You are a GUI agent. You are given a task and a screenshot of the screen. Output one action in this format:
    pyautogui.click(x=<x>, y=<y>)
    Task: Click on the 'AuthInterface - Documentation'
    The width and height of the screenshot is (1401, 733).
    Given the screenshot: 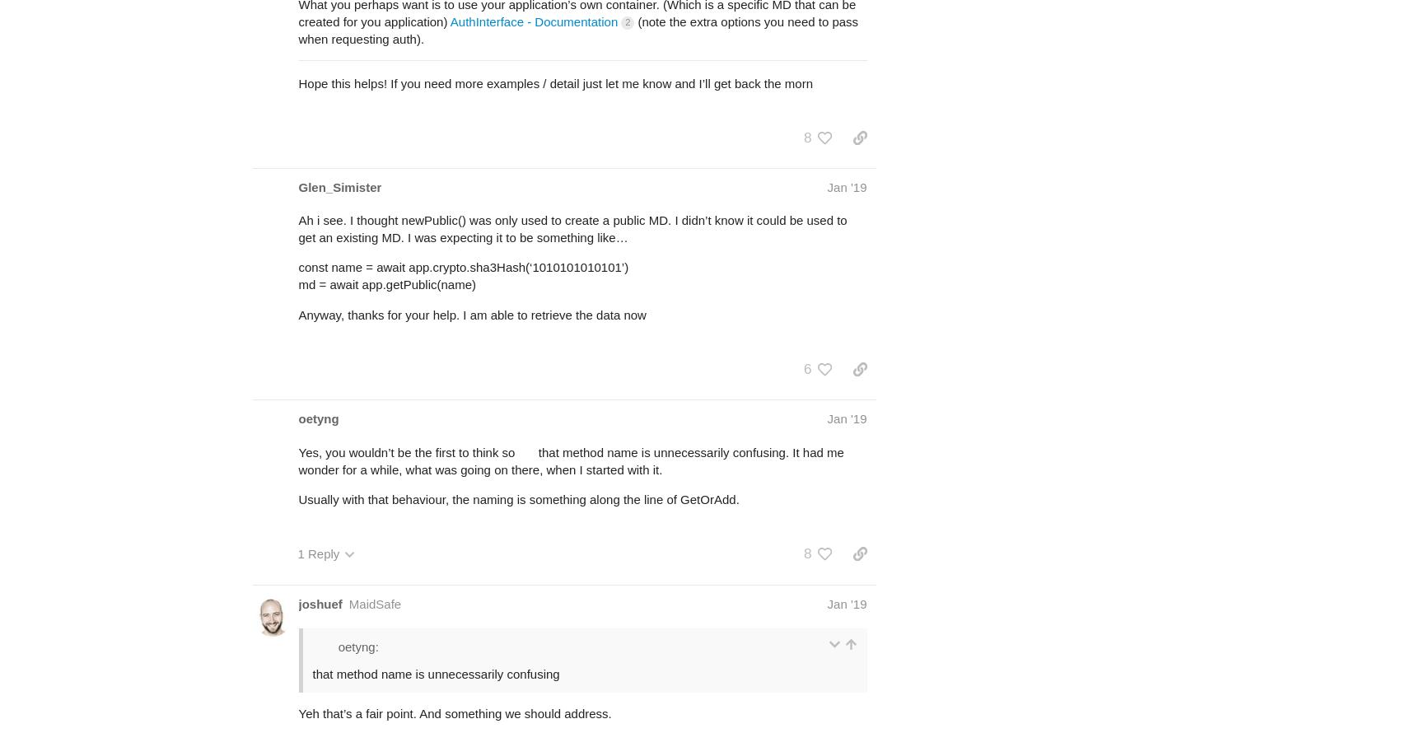 What is the action you would take?
    pyautogui.click(x=533, y=21)
    